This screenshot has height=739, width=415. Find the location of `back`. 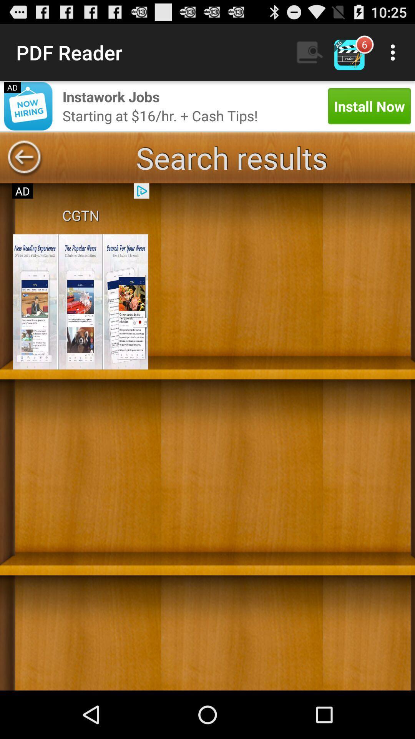

back is located at coordinates (23, 157).